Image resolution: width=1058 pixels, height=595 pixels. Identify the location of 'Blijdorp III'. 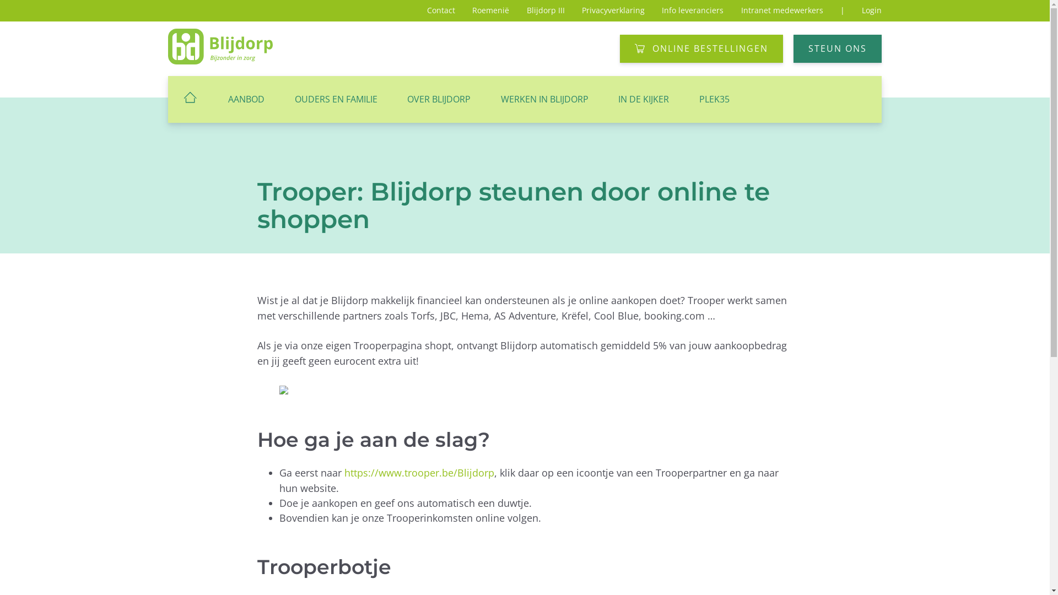
(526, 10).